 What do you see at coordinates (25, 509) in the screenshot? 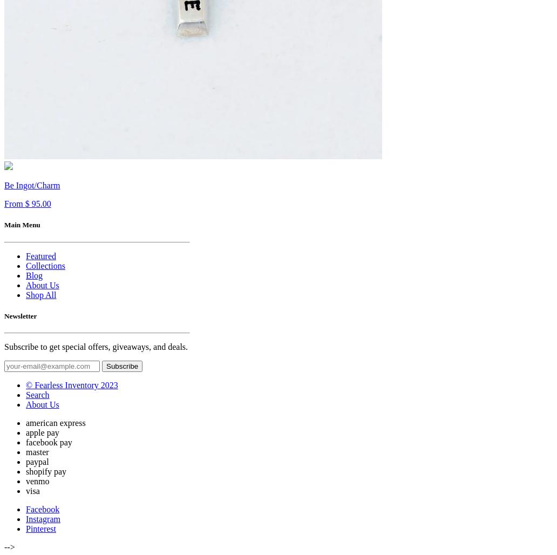
I see `'Facebook'` at bounding box center [25, 509].